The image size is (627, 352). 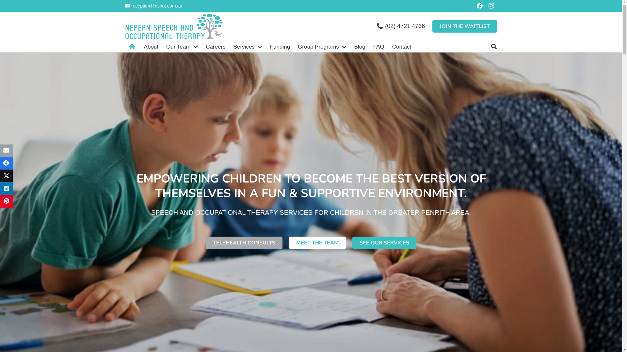 I want to click on 'Careers', so click(x=216, y=46).